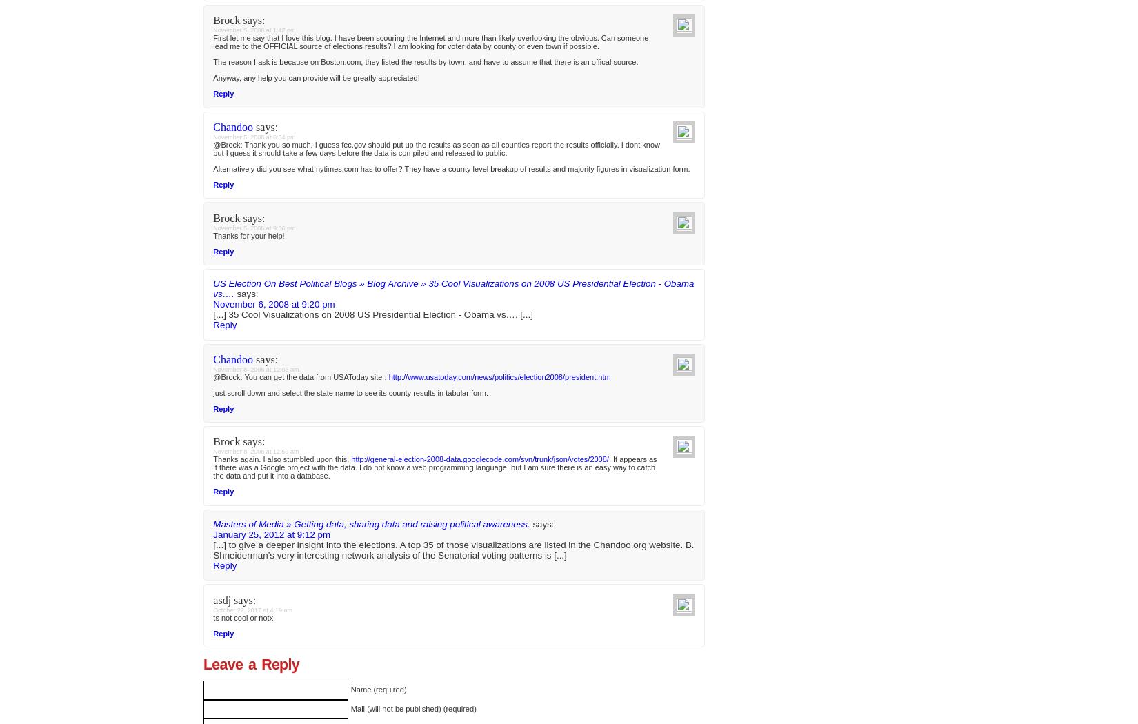  What do you see at coordinates (213, 298) in the screenshot?
I see `'Eleições Americanas - Infografias. - 2.0 WEBMANIA - Portugal, a Web 2.0, o Mundo e a Internet'` at bounding box center [213, 298].